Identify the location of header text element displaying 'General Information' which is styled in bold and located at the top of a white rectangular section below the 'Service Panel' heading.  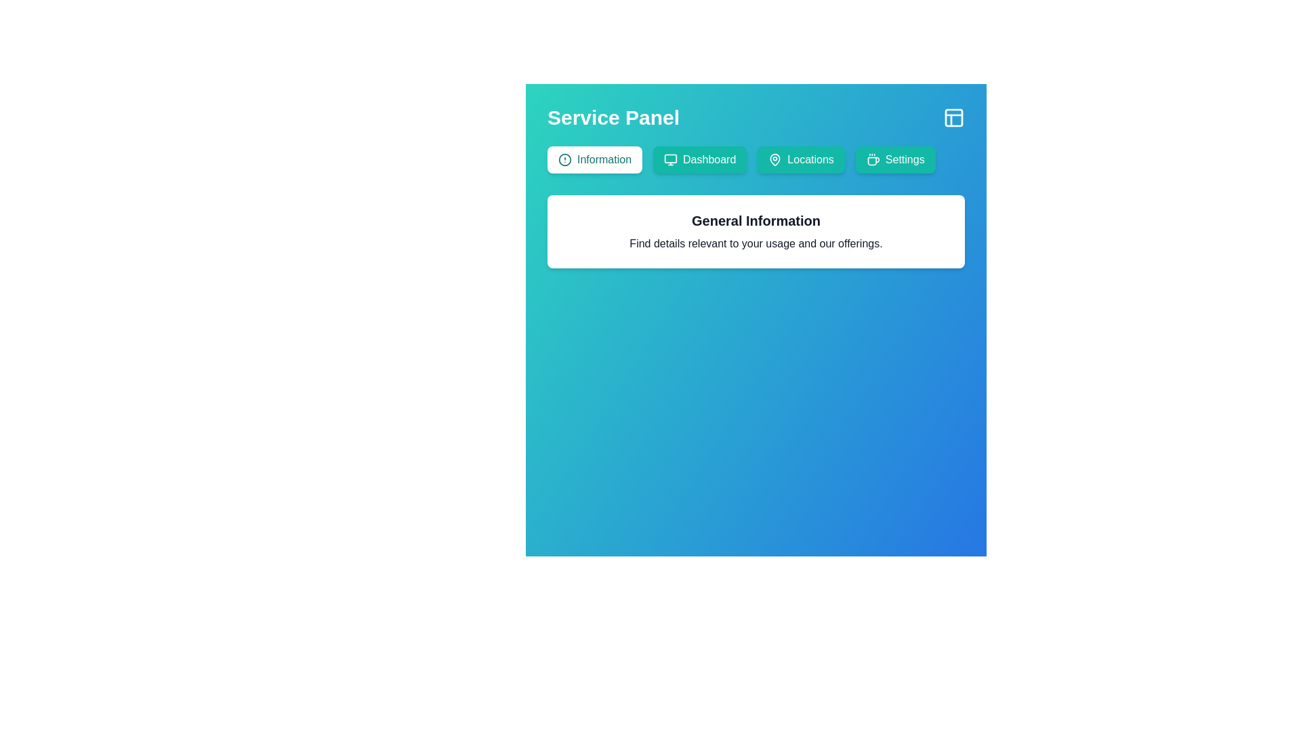
(756, 220).